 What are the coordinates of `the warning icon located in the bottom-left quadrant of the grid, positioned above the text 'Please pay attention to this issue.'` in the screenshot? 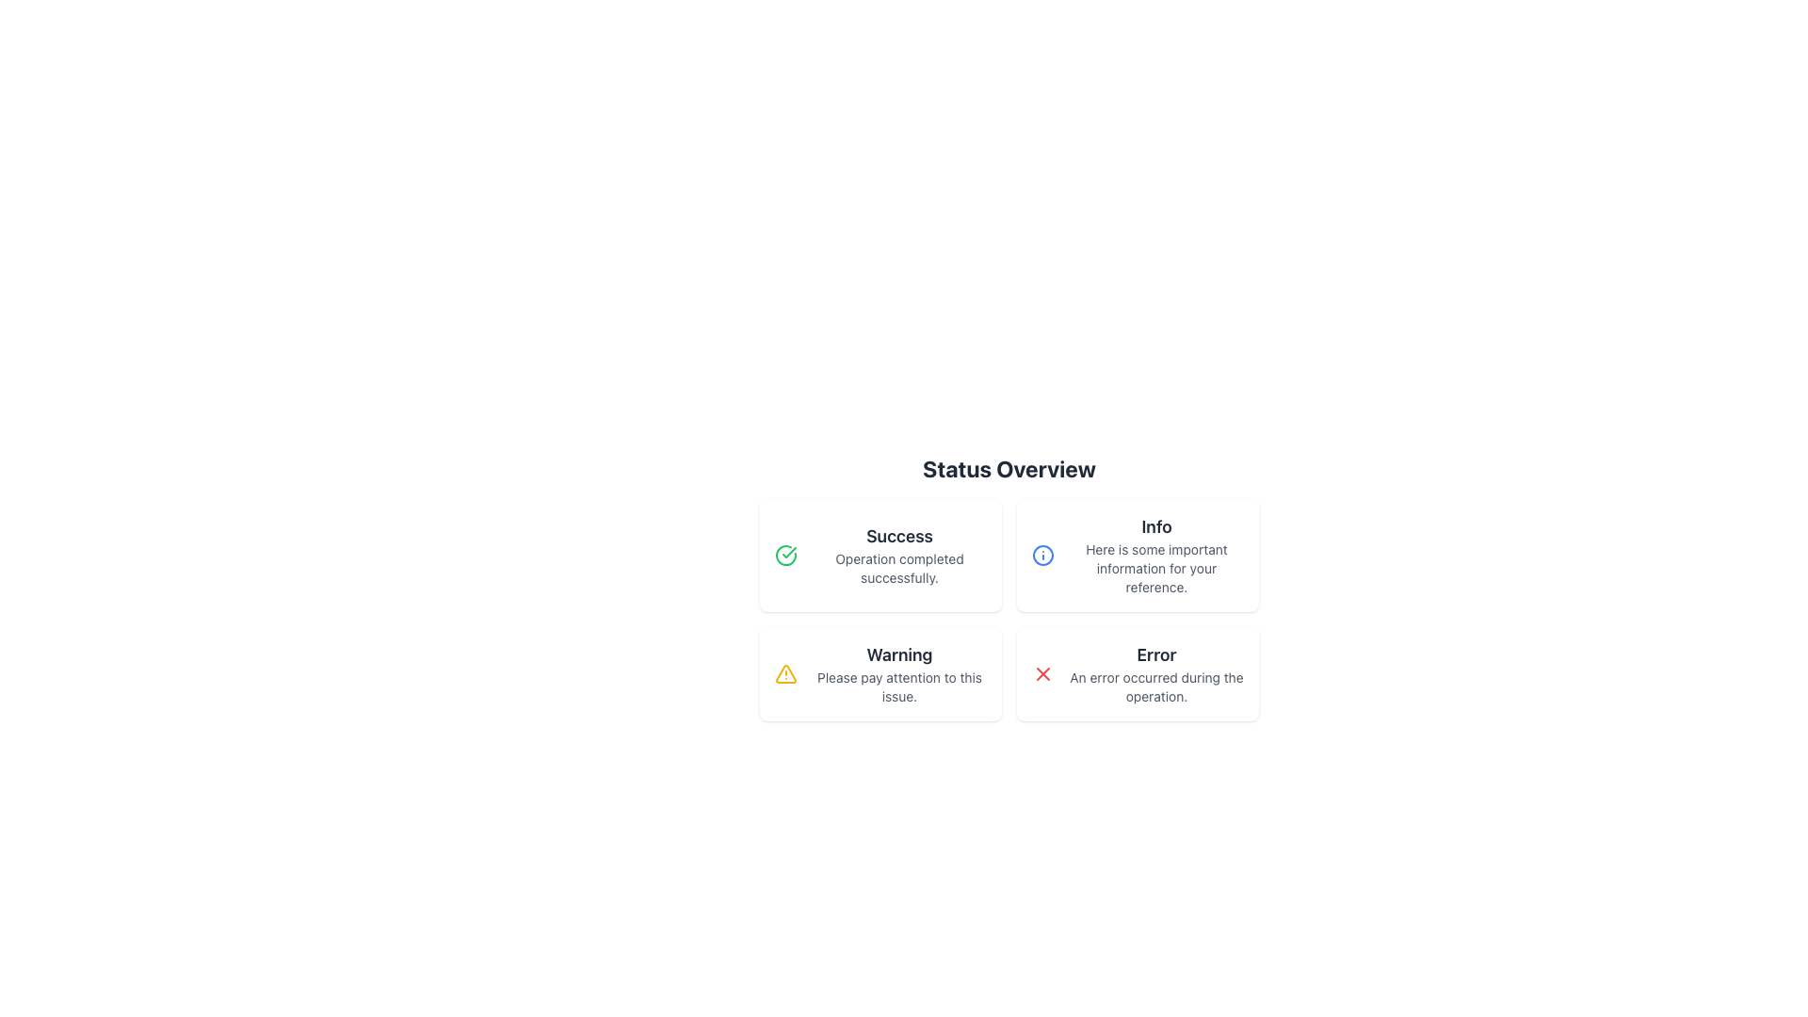 It's located at (786, 673).